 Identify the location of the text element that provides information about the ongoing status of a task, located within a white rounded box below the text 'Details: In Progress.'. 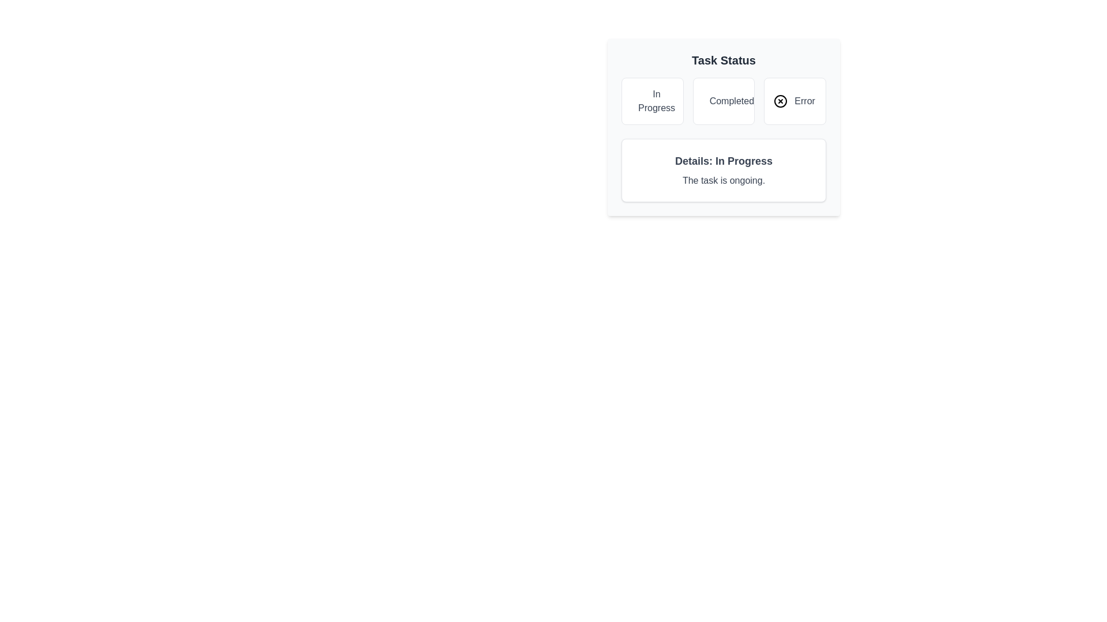
(723, 180).